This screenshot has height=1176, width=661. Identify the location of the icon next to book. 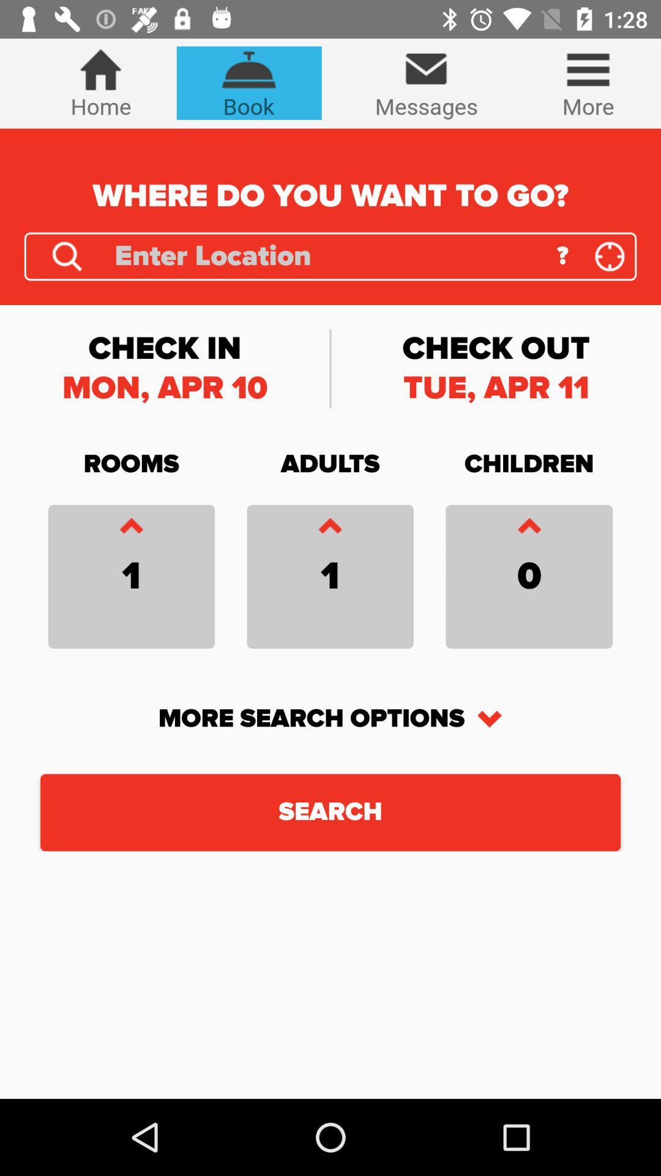
(100, 82).